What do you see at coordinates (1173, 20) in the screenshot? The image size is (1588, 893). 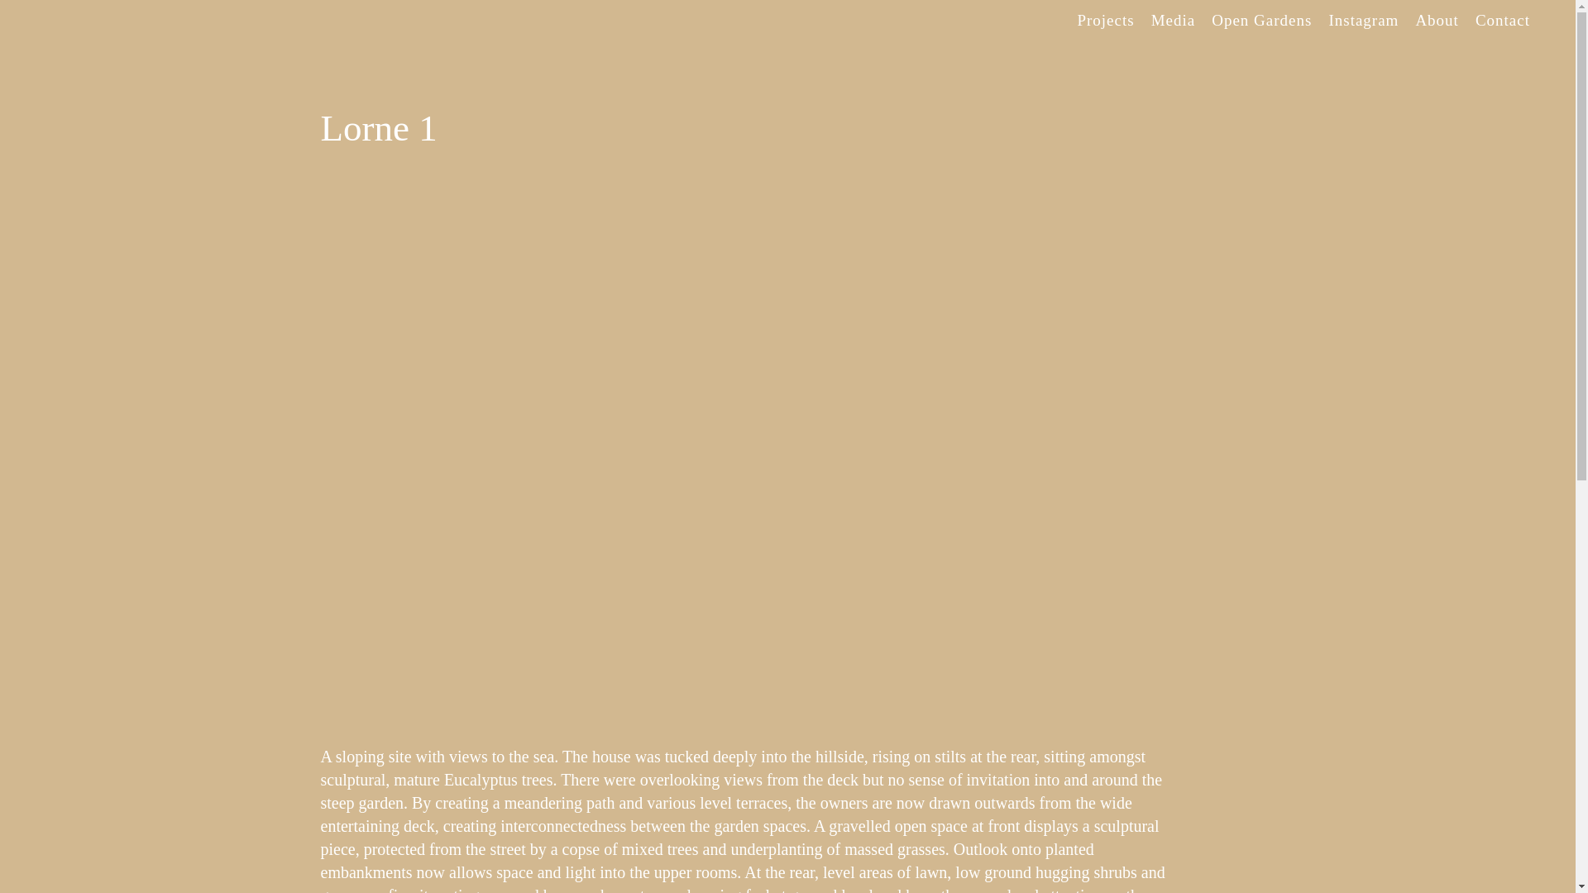 I see `'Media'` at bounding box center [1173, 20].